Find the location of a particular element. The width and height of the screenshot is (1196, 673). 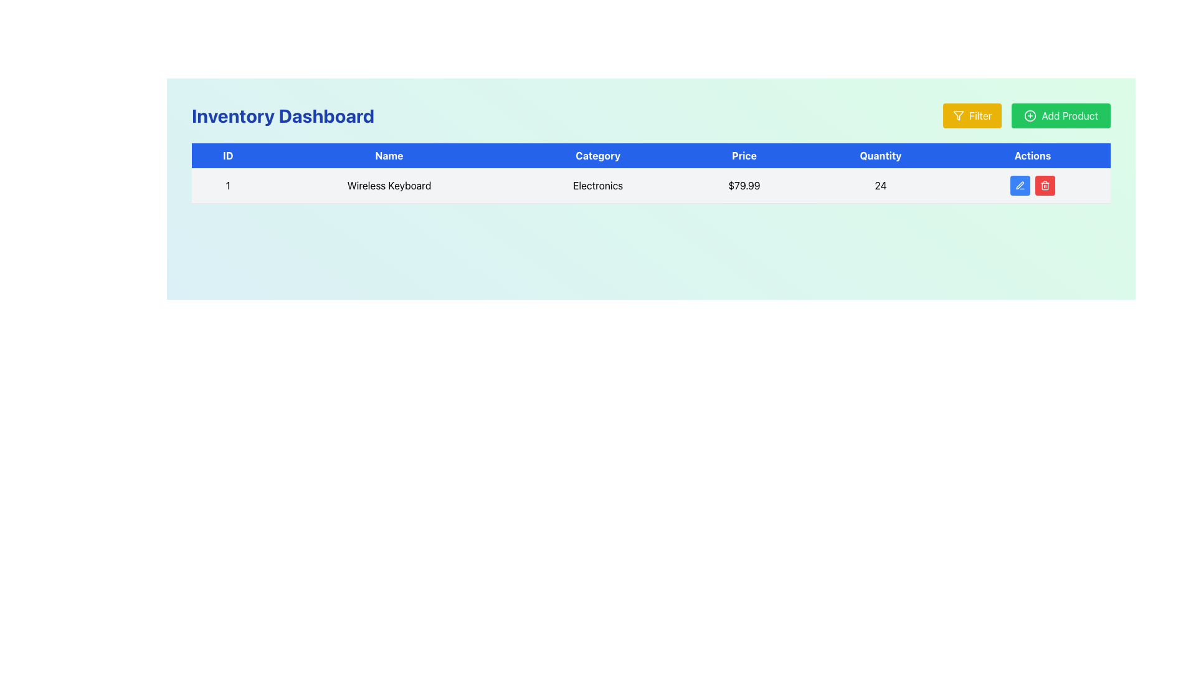

the trash icon button with a red background in the 'Actions' column for the 'Wireless Keyboard' to initiate a delete action is located at coordinates (1045, 185).